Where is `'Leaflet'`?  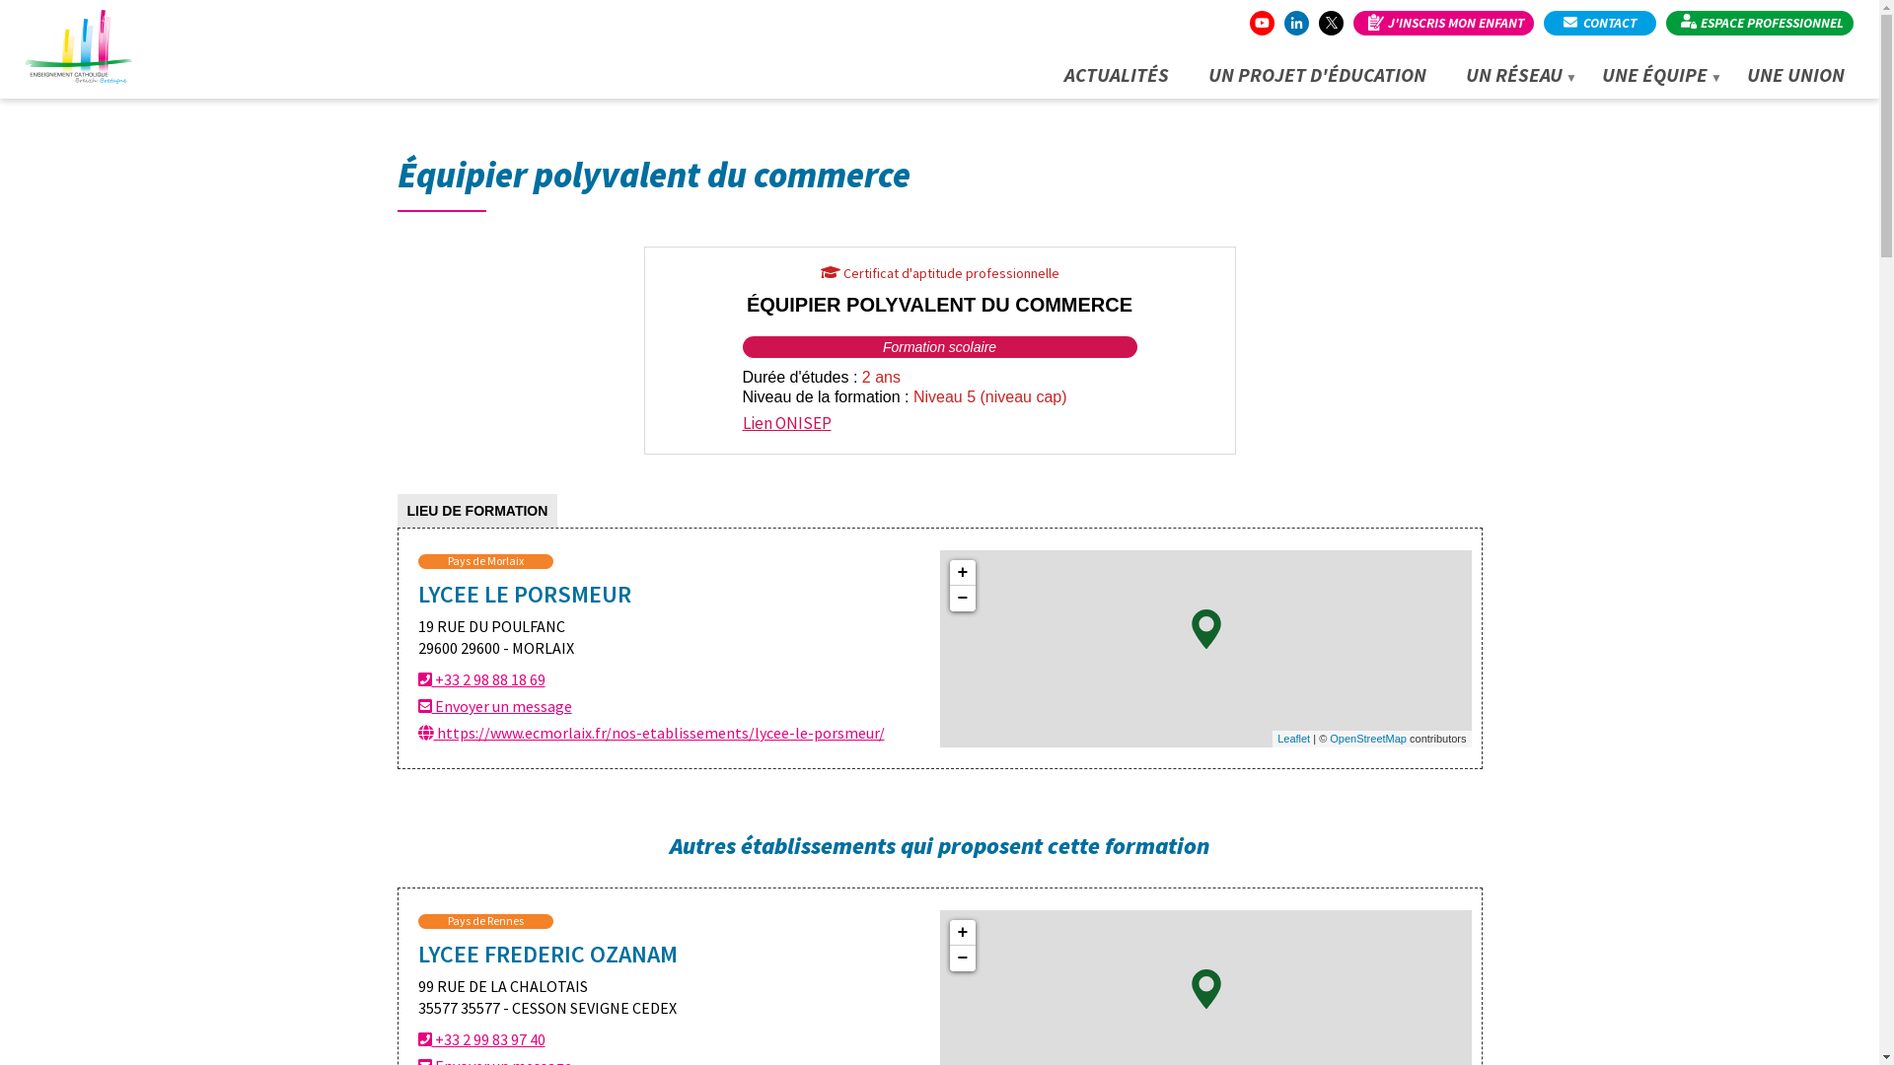
'Leaflet' is located at coordinates (1293, 738).